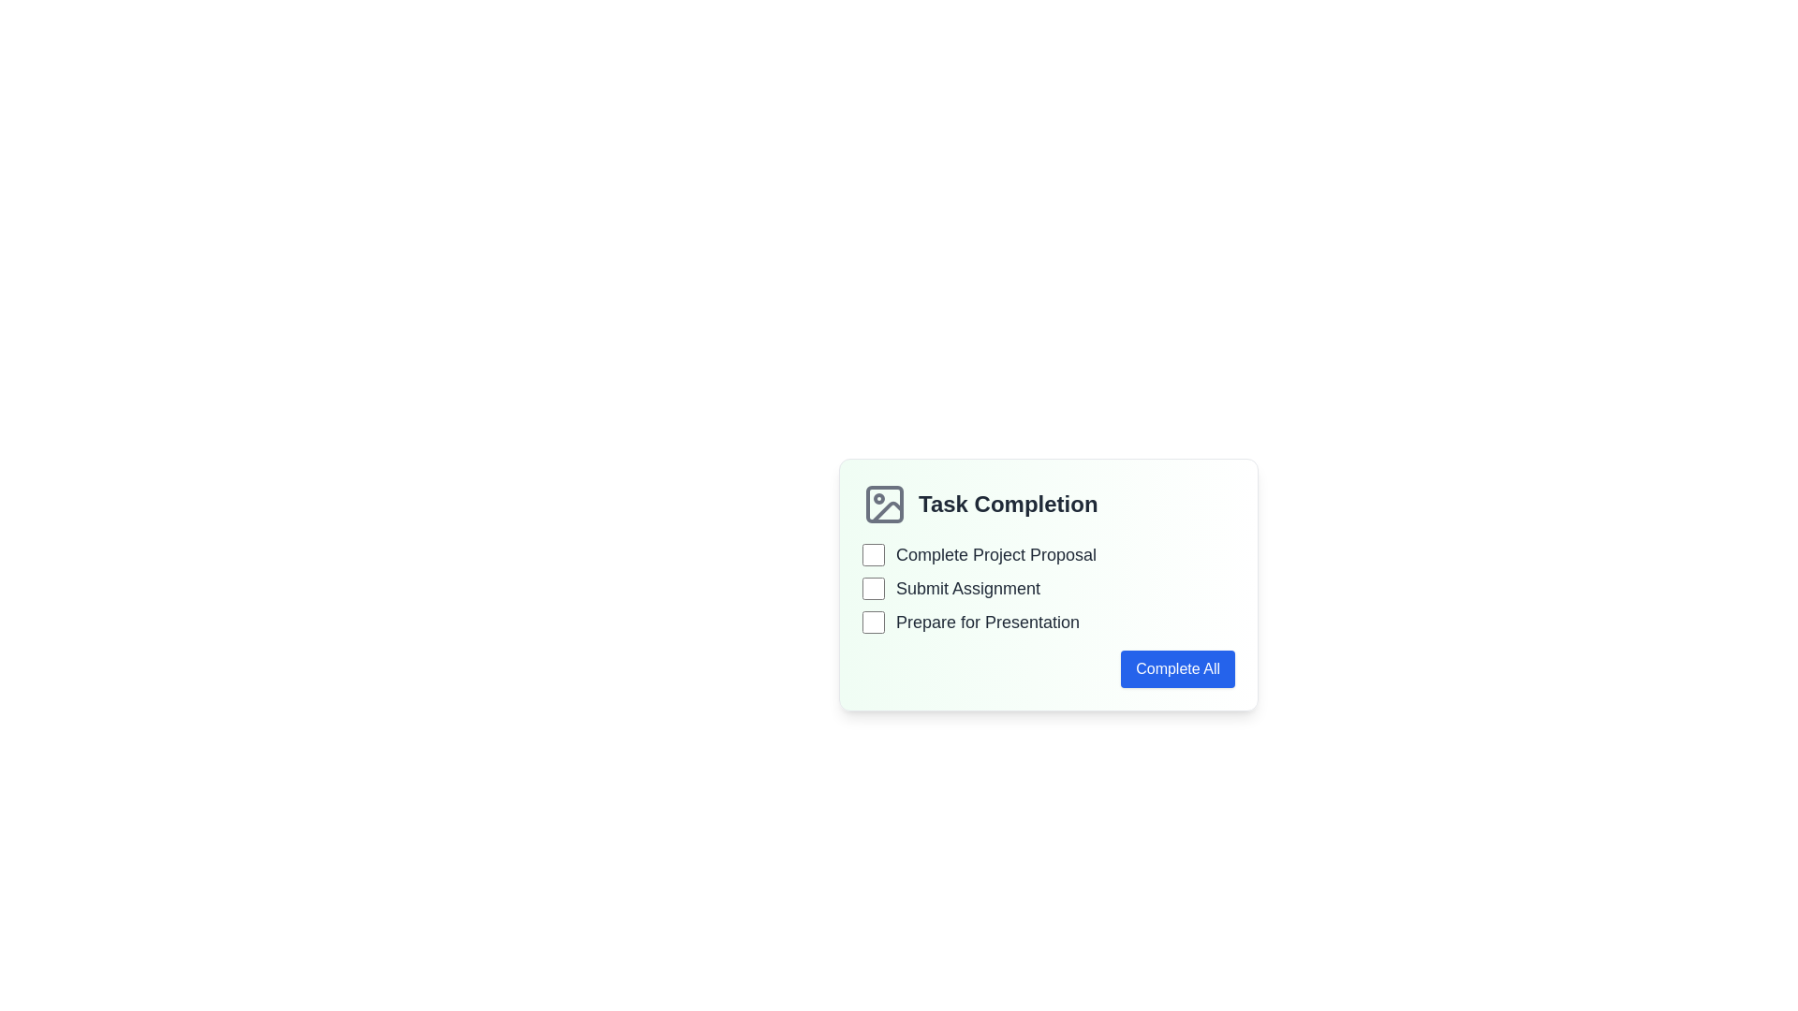  I want to click on the checkbox for the 'Submit Assignment' task, so click(872, 587).